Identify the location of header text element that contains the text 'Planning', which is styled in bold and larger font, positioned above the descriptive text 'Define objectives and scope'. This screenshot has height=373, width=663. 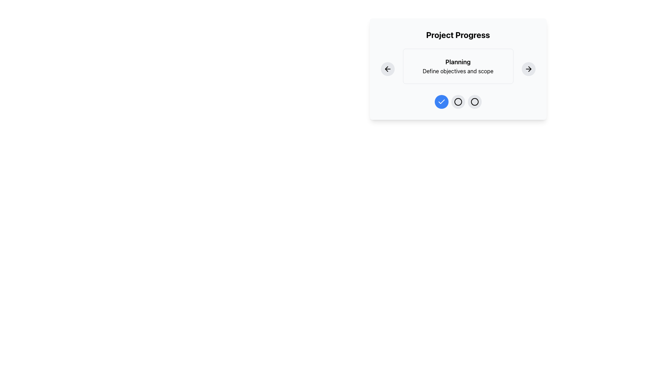
(458, 62).